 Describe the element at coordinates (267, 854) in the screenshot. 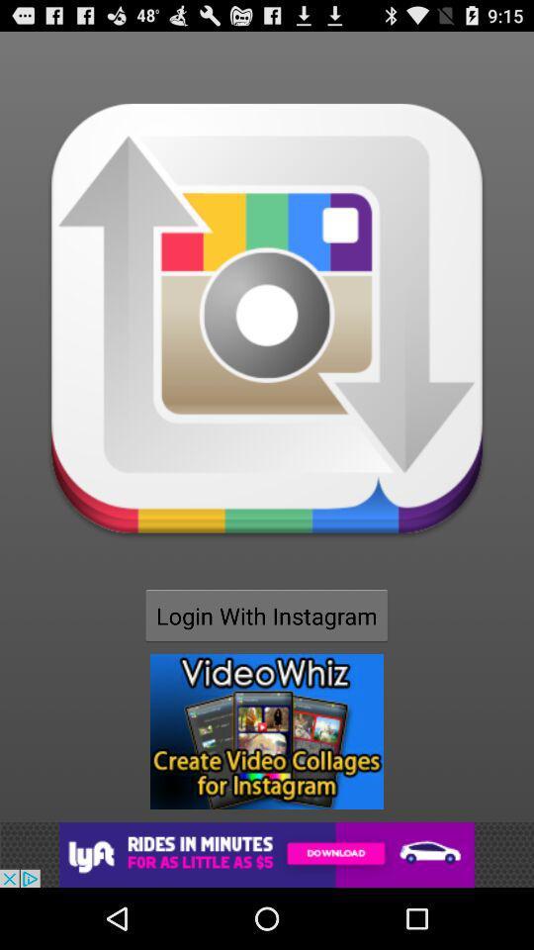

I see `navigate to advertisement site for lyft` at that location.